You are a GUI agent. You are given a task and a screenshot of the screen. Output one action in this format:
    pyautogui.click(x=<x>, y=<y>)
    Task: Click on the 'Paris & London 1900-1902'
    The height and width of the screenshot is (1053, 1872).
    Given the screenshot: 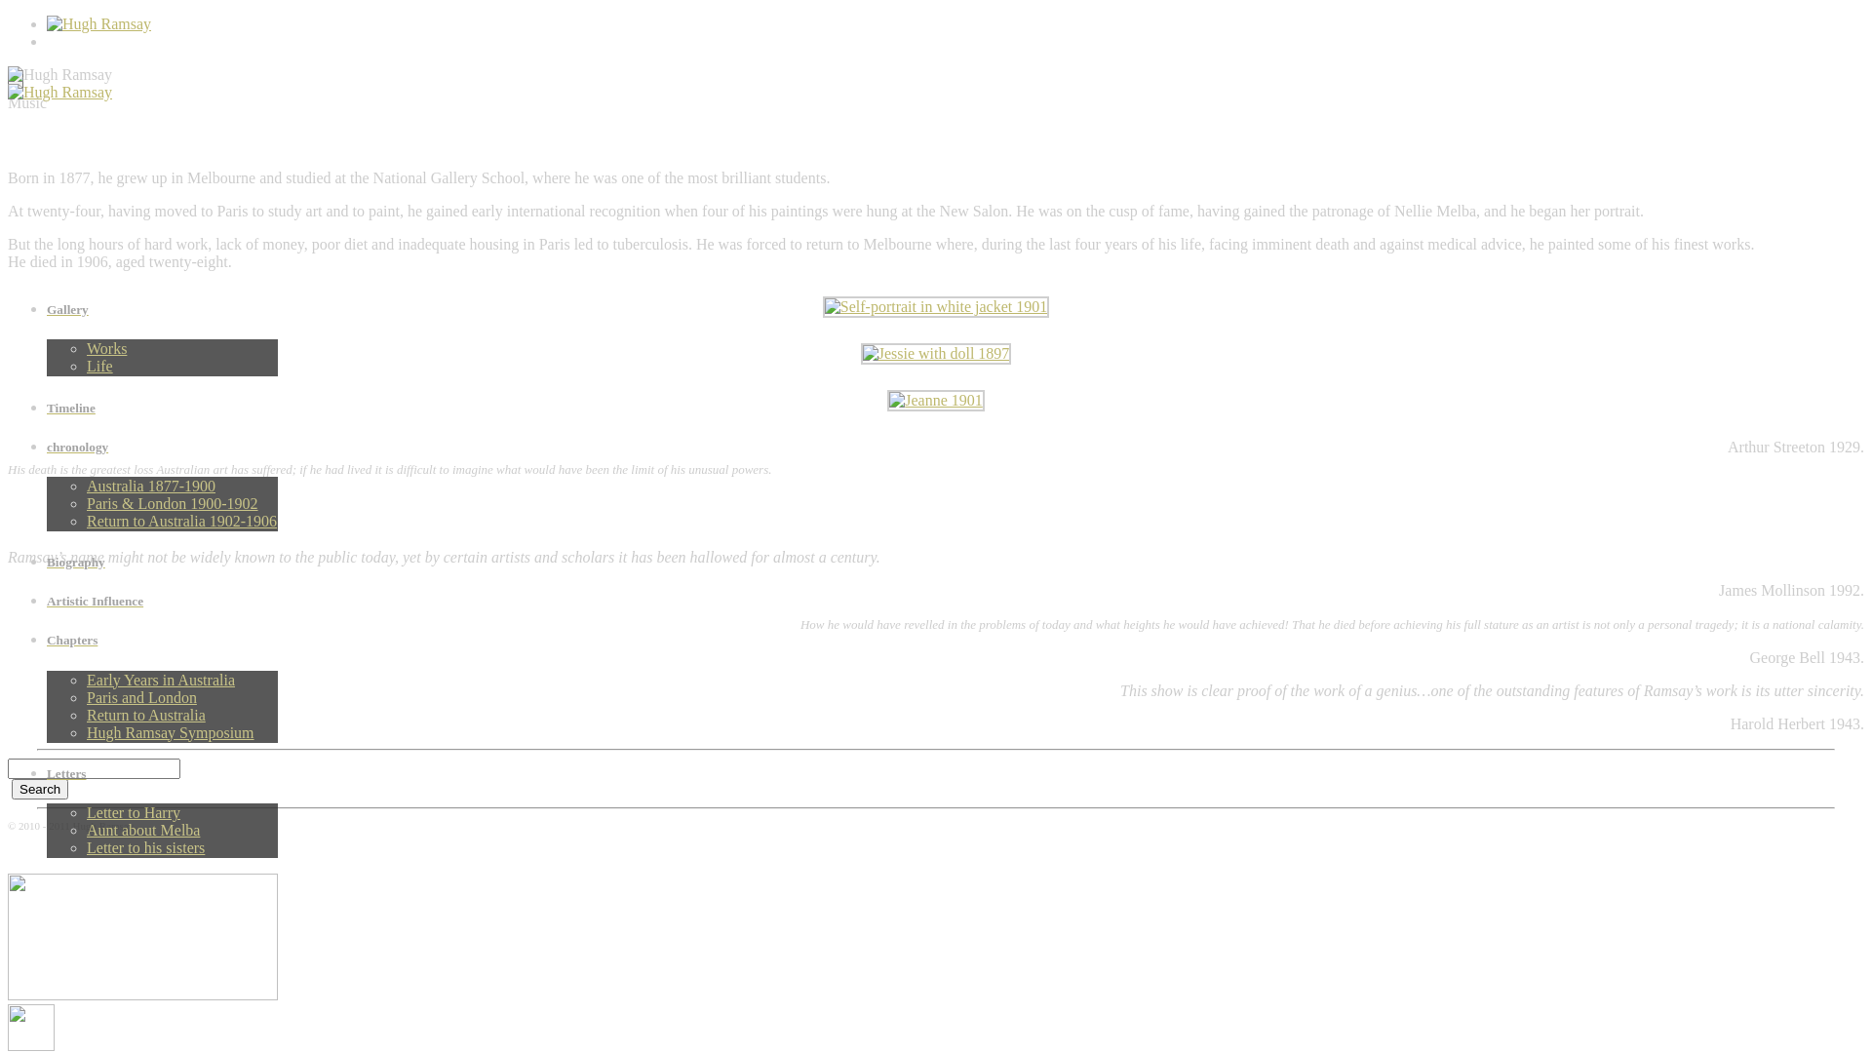 What is the action you would take?
    pyautogui.click(x=173, y=502)
    